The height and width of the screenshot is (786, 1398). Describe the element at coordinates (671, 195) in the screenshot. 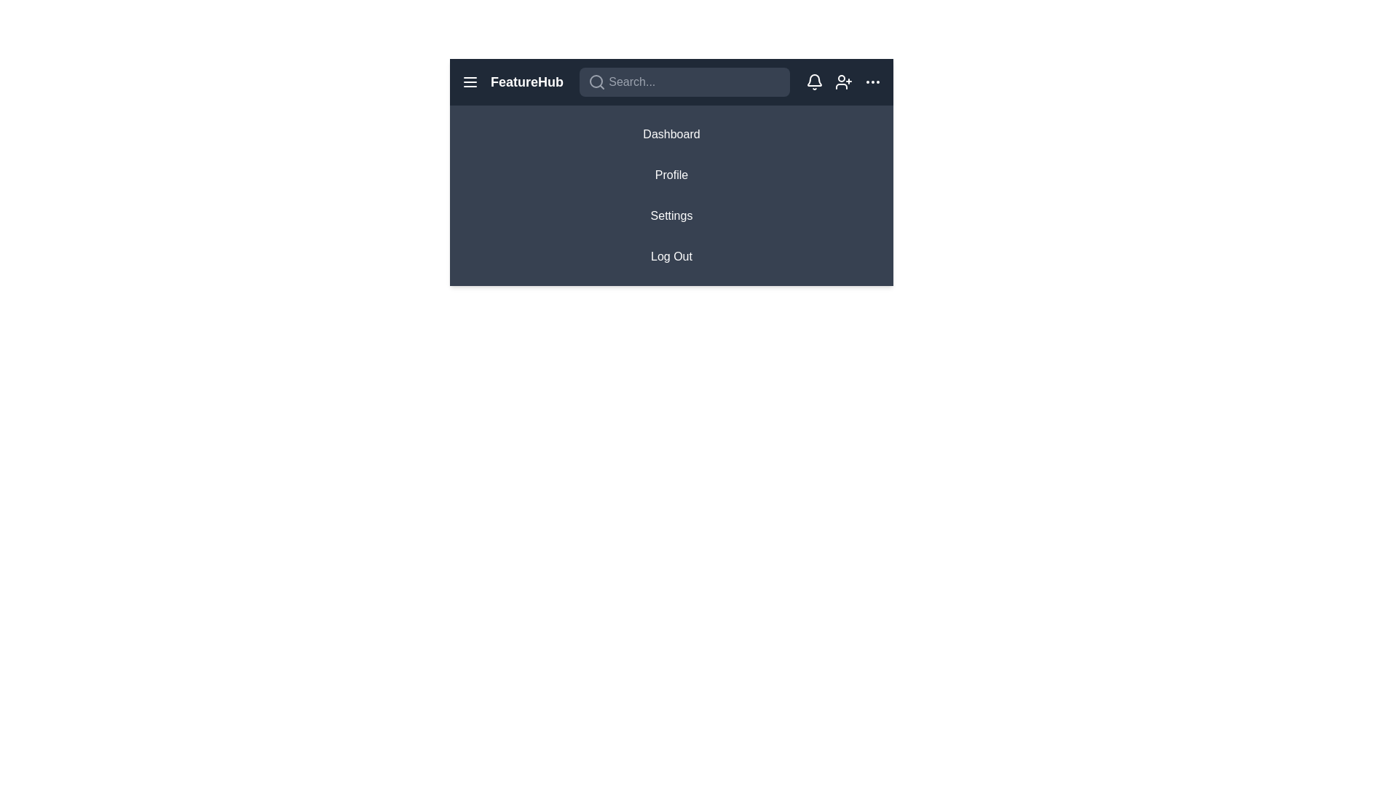

I see `one of the menu items in the vertically stacked menu, which includes 'Dashboard', 'Profile', 'Settings', and 'Log Out'` at that location.